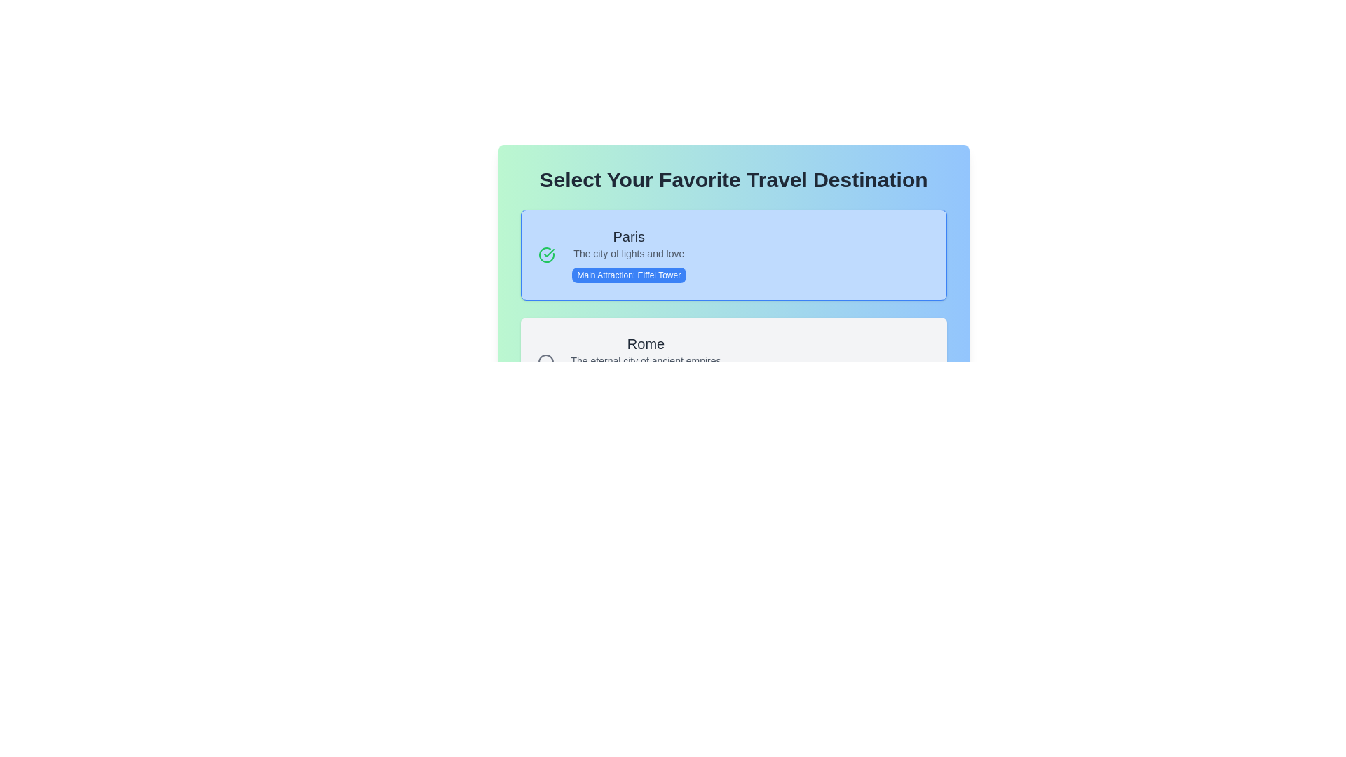  What do you see at coordinates (645, 360) in the screenshot?
I see `the static text displaying 'The eternal city of ancient empires', which is styled in gray and positioned below the title 'Rome'` at bounding box center [645, 360].